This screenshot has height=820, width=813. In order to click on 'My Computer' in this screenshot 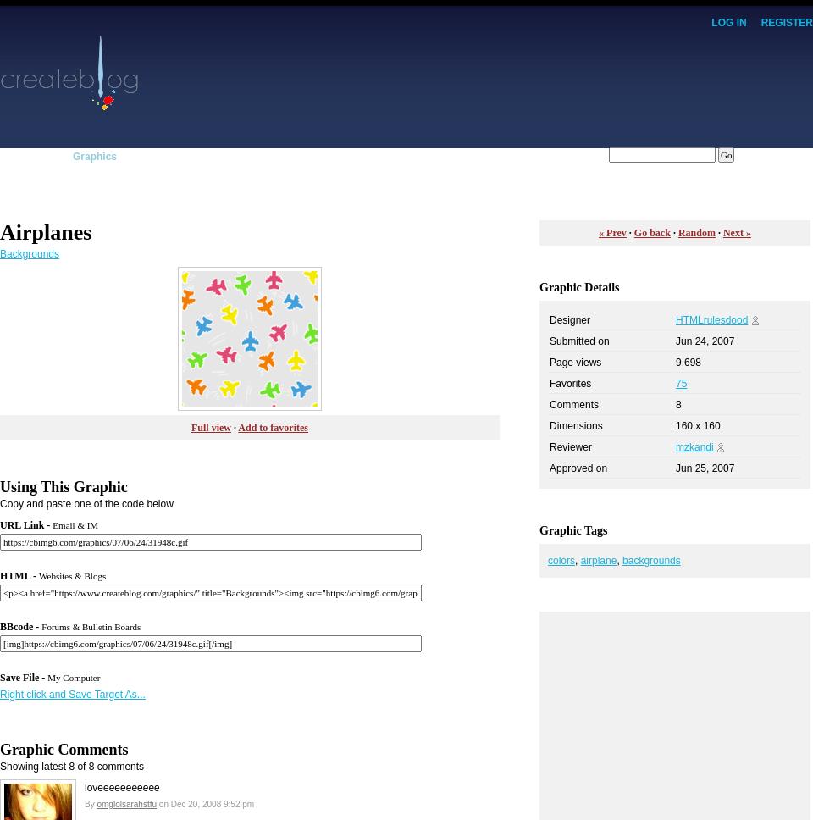, I will do `click(73, 676)`.